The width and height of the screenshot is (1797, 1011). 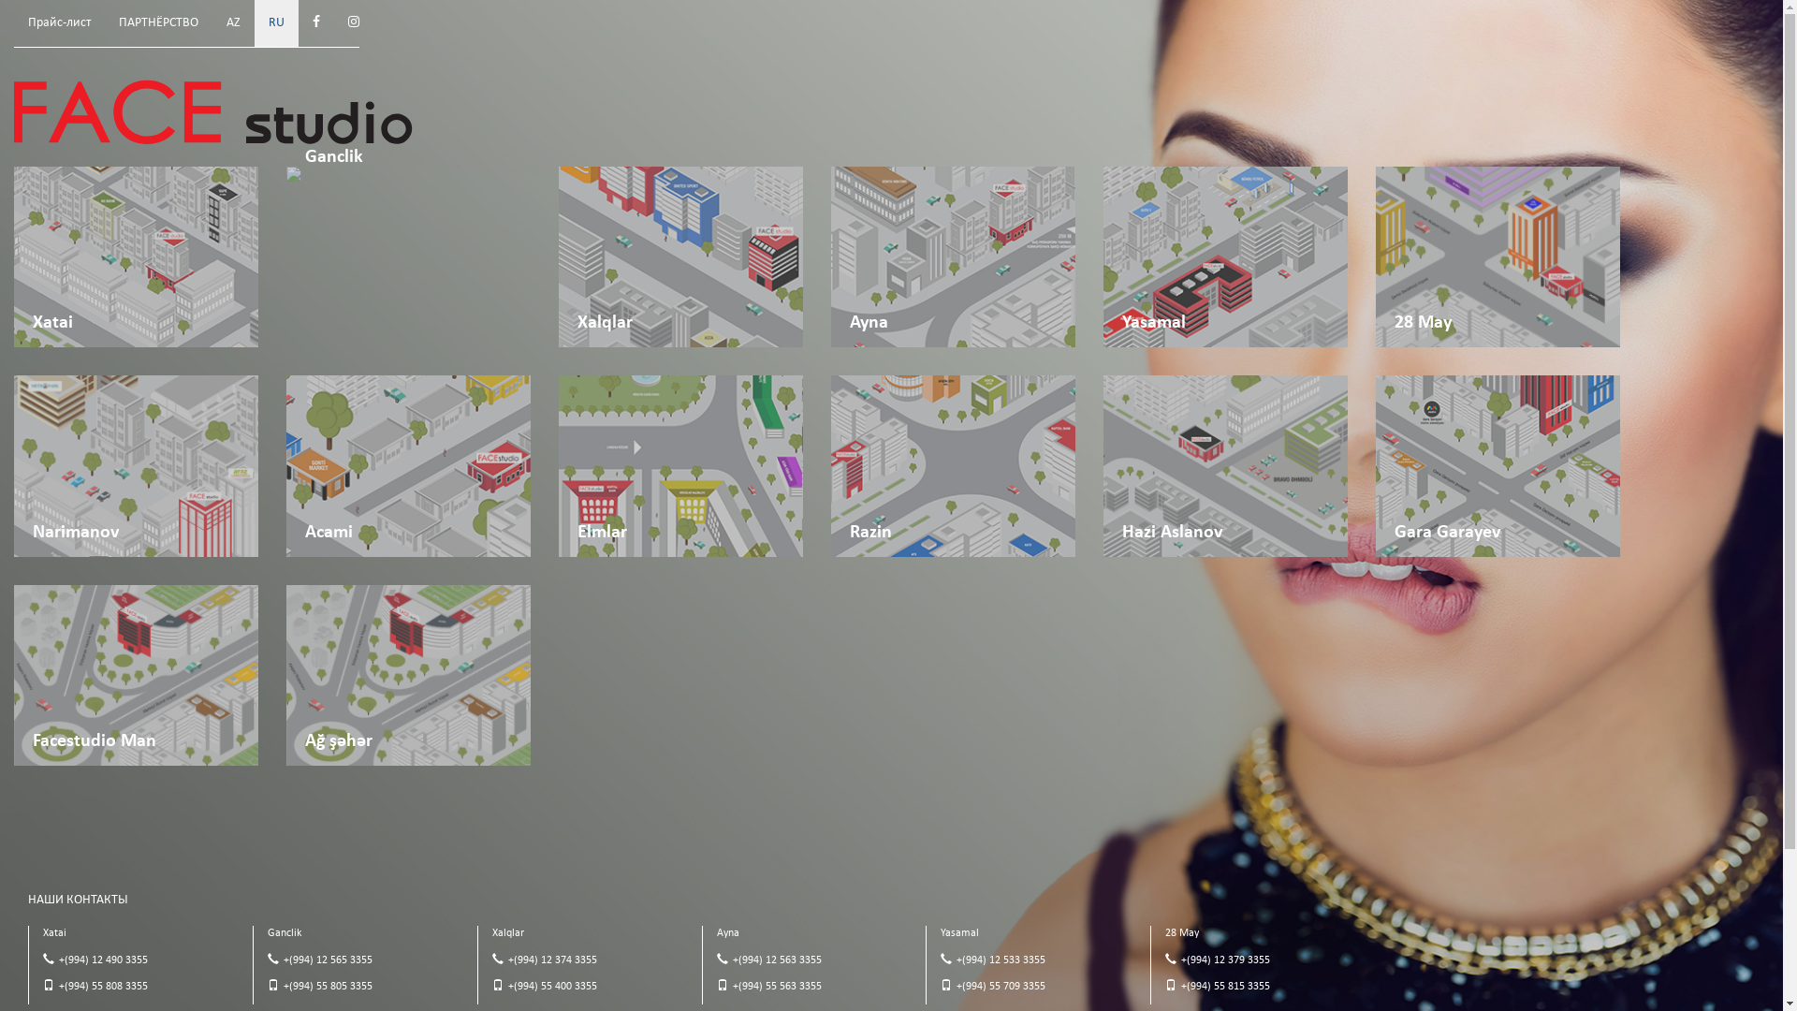 What do you see at coordinates (282, 985) in the screenshot?
I see `'+(994) 55 805 3355'` at bounding box center [282, 985].